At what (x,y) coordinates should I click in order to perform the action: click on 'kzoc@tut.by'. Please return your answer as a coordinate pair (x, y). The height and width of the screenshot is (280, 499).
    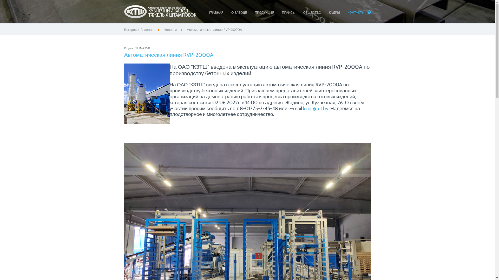
    Looking at the image, I should click on (315, 108).